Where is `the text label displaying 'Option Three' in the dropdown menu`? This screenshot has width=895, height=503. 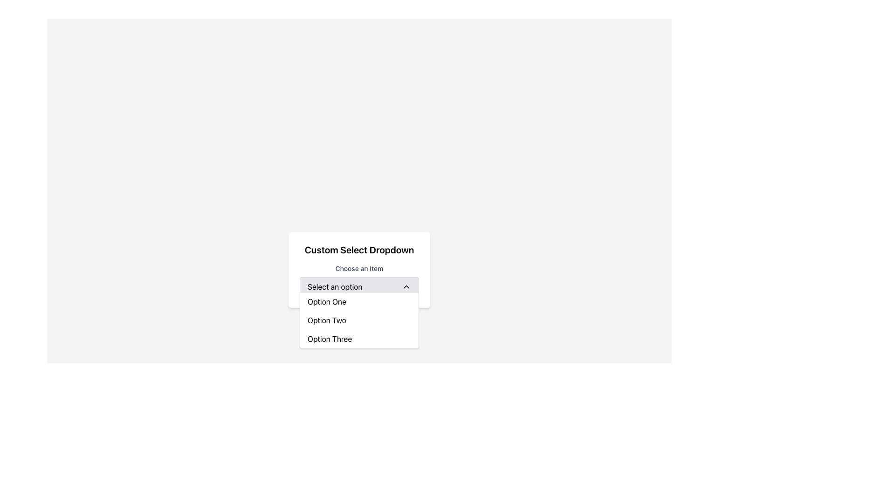 the text label displaying 'Option Three' in the dropdown menu is located at coordinates (330, 339).